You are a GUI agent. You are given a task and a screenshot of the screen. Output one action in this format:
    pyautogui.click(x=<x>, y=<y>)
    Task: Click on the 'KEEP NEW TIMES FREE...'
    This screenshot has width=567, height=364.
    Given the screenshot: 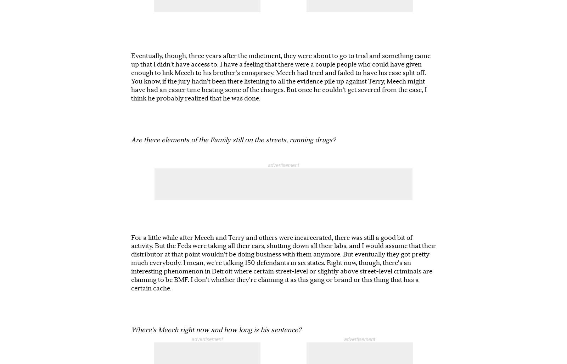 What is the action you would take?
    pyautogui.click(x=228, y=329)
    